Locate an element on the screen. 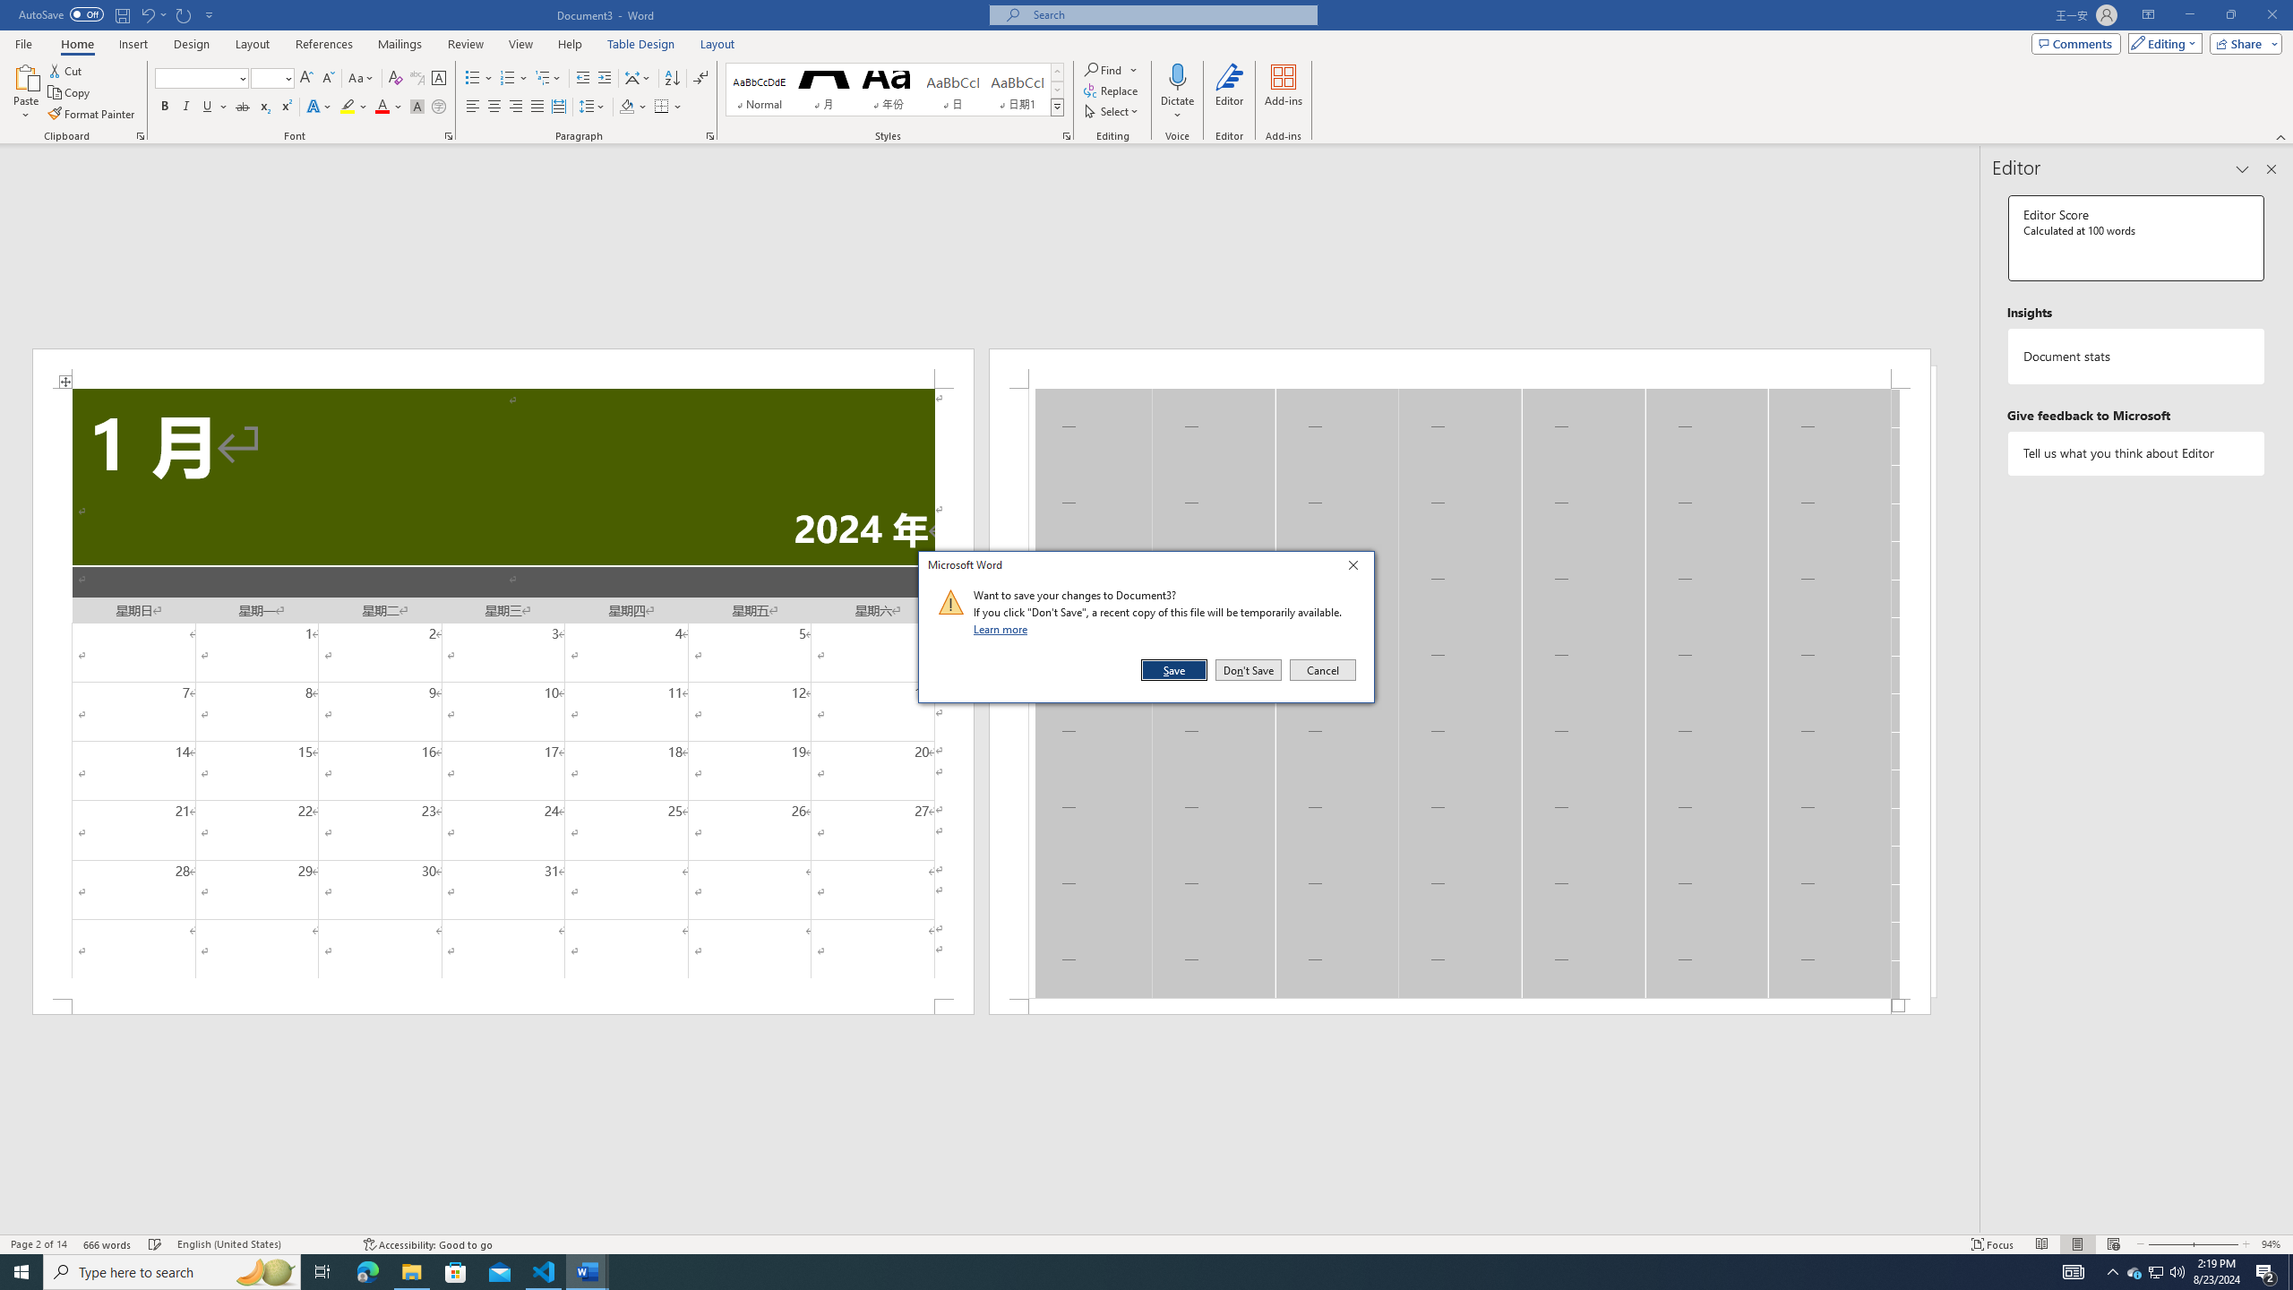 The width and height of the screenshot is (2293, 1290). 'More Options' is located at coordinates (1176, 107).